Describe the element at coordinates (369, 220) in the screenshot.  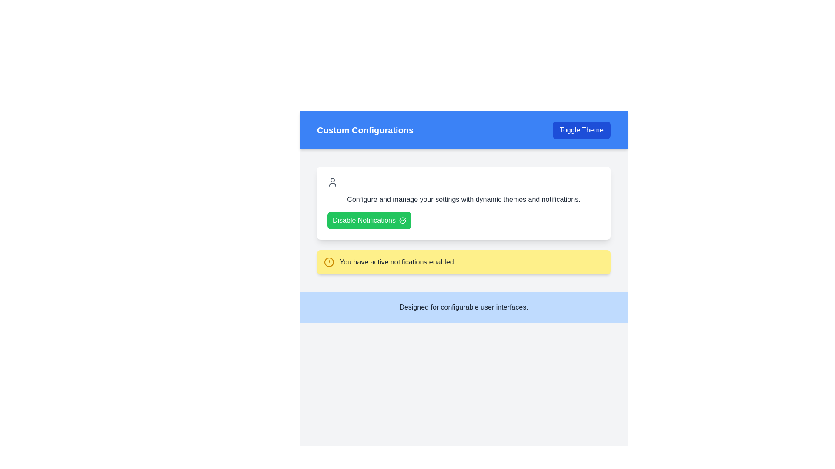
I see `the interactive button located at the top-center of the interface` at that location.